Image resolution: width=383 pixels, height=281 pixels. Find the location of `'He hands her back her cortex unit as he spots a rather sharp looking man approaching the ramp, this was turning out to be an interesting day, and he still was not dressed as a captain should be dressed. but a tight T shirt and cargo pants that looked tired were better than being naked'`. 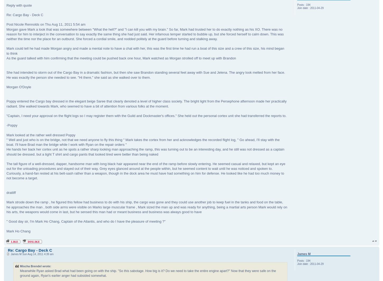

'He hands her back her cortex unit as he spots a rather sharp looking man approaching the ramp, this was turning out to be an interesting day, and he still was not dressed as a captain should be dressed. but a tight T shirt and cargo pants that looked tired were better than being naked' is located at coordinates (145, 152).